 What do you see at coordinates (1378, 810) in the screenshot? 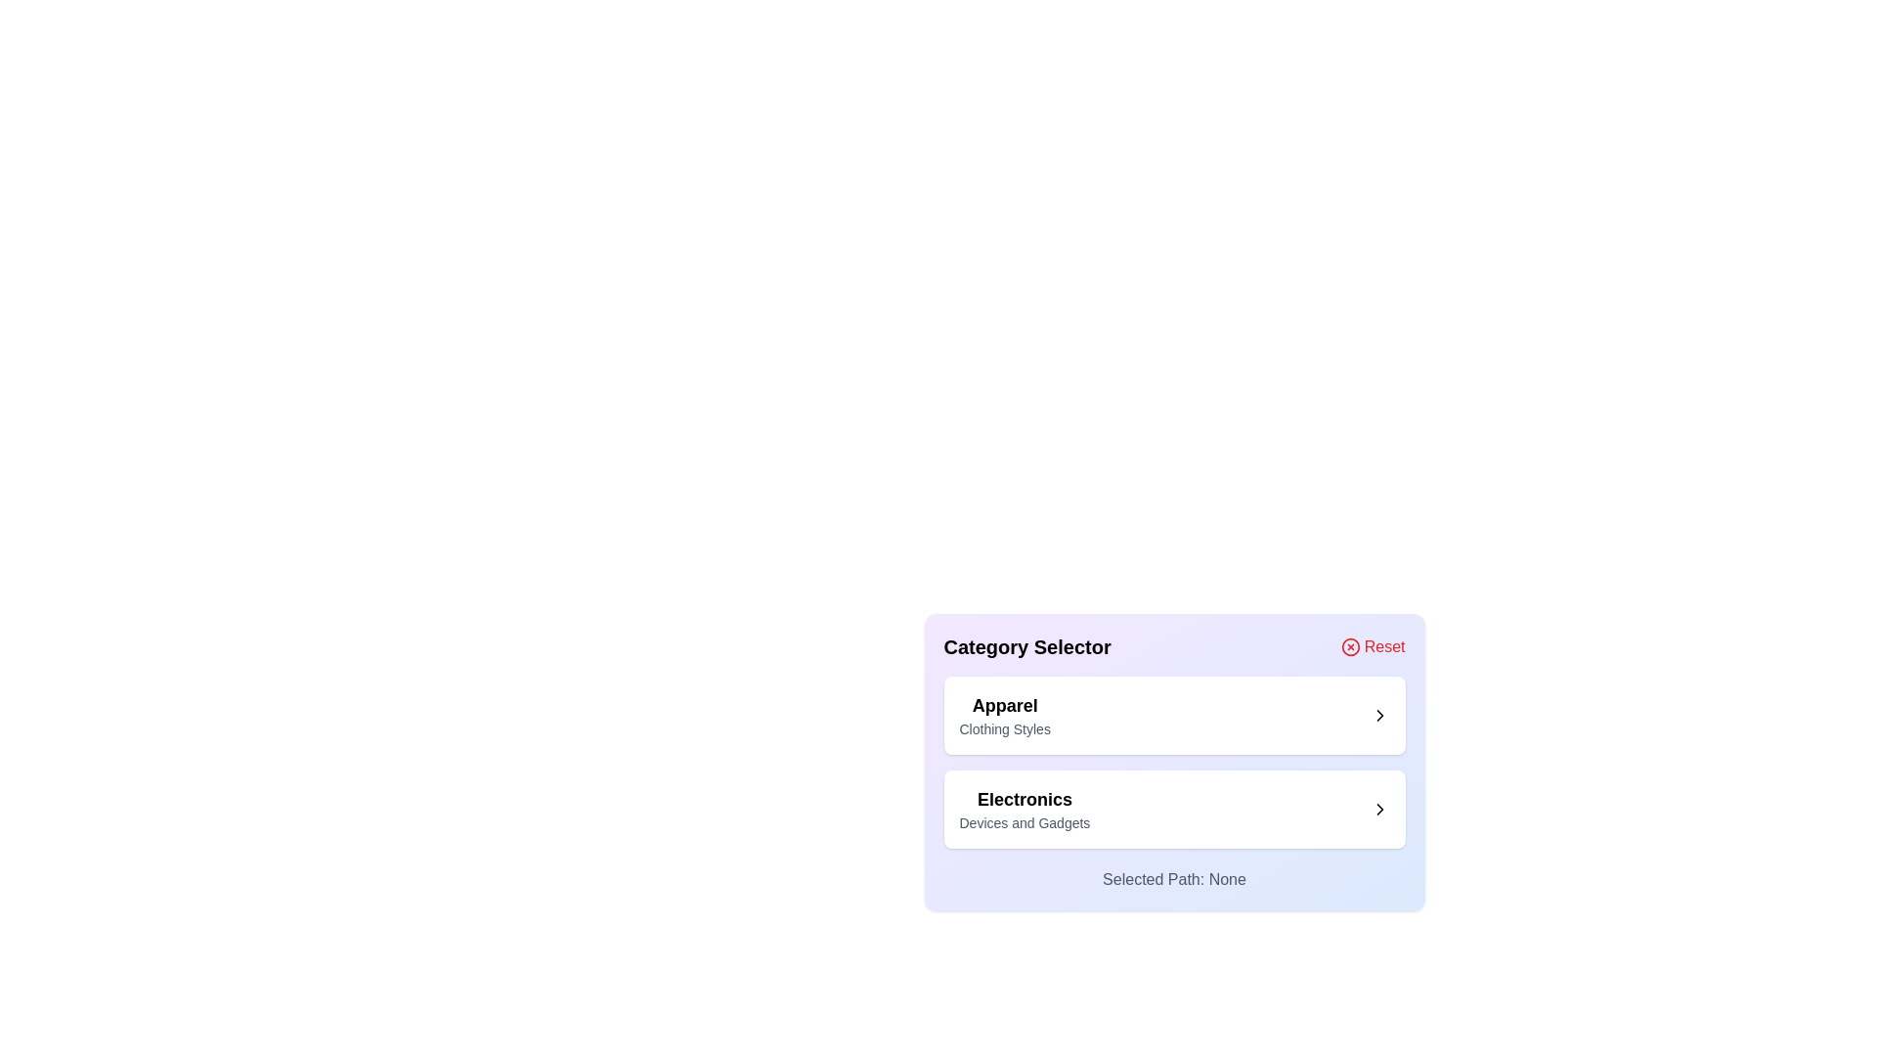
I see `the Chevron Right icon located to the far right of the 'Electronics' list item to indicate that this category can be expanded or interacted with further` at bounding box center [1378, 810].